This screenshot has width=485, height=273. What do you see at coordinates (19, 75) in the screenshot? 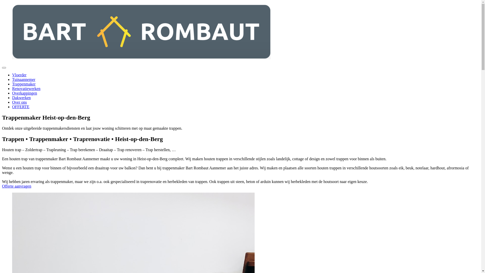
I see `'Vloerder'` at bounding box center [19, 75].